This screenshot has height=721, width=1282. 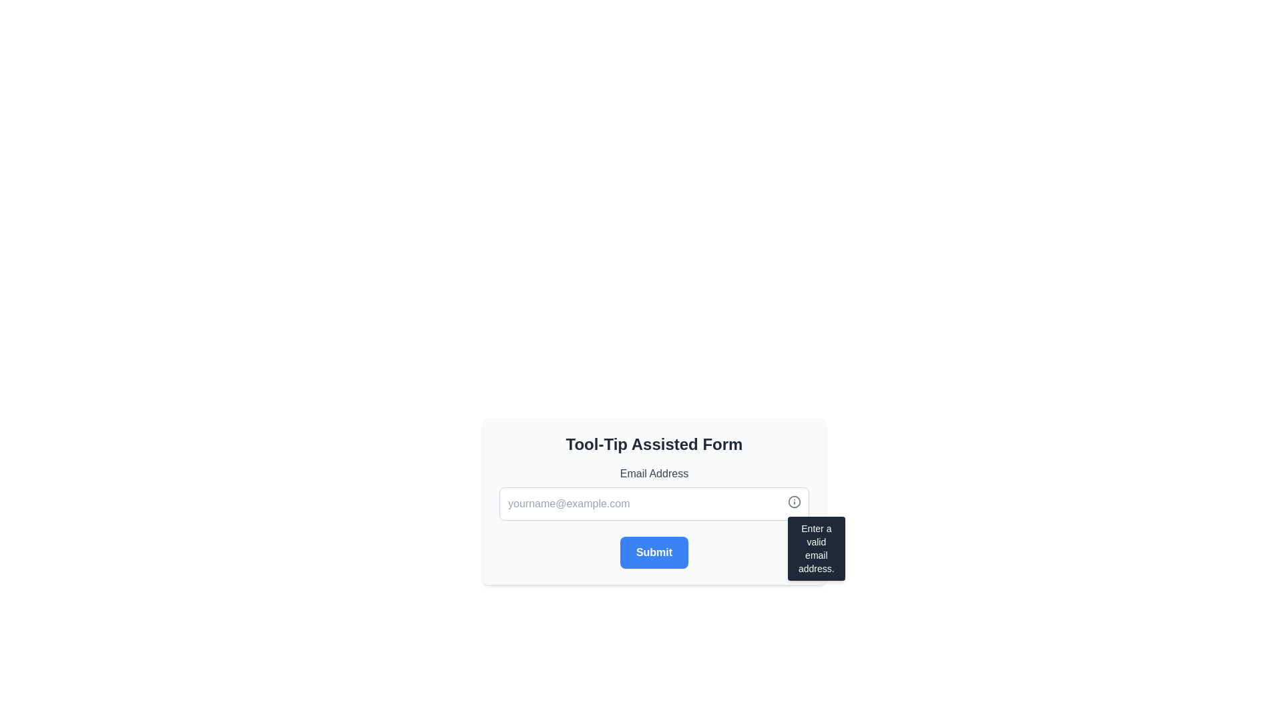 I want to click on the submit button located below the 'Email Address' input field, so click(x=654, y=553).